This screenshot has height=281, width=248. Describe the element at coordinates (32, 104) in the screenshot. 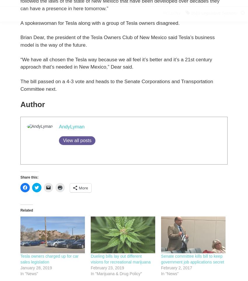

I see `'Author'` at that location.